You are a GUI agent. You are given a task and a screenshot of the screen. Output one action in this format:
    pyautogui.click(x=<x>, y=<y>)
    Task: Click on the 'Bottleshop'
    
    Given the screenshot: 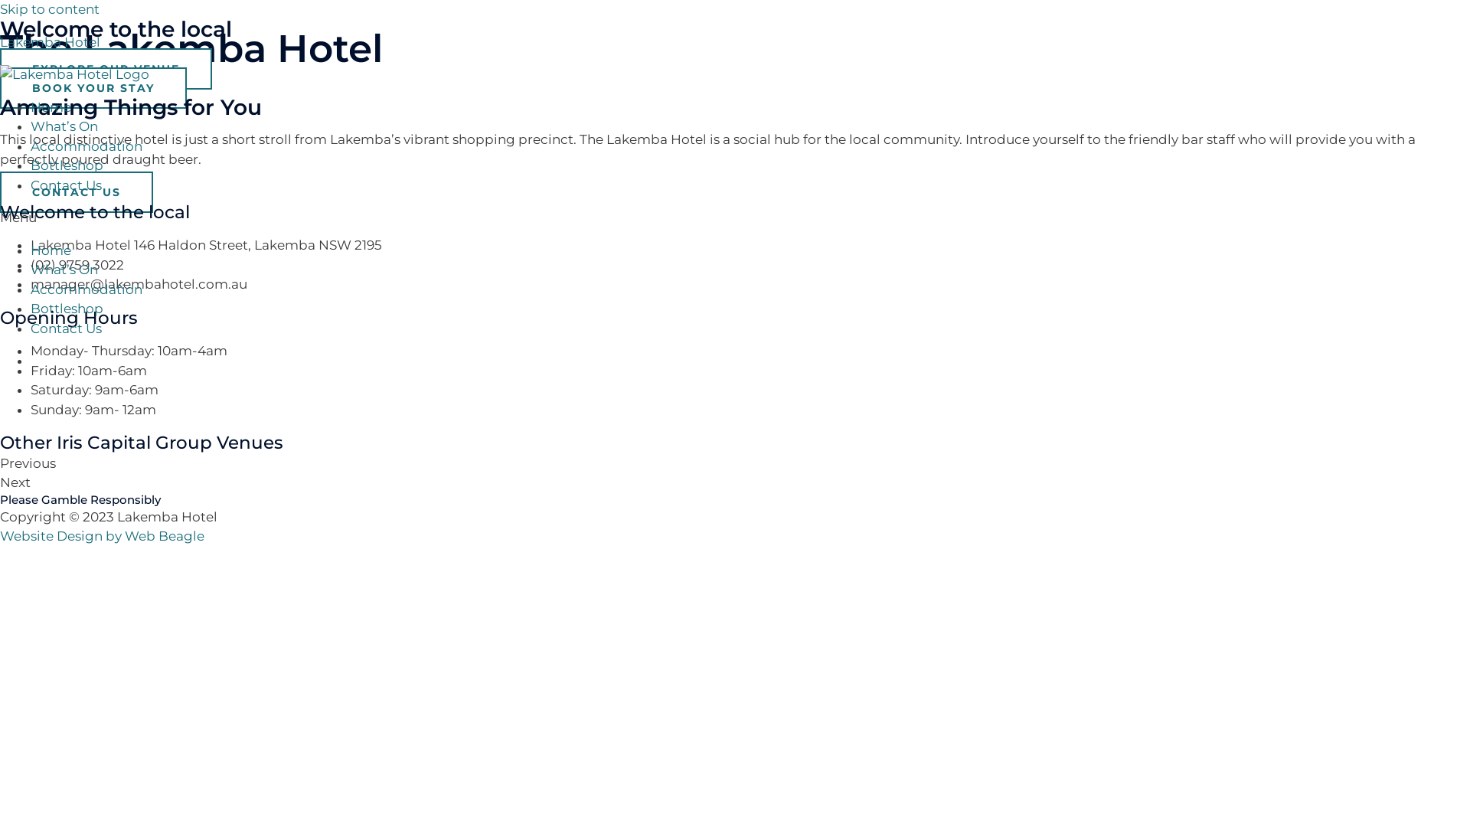 What is the action you would take?
    pyautogui.click(x=66, y=165)
    